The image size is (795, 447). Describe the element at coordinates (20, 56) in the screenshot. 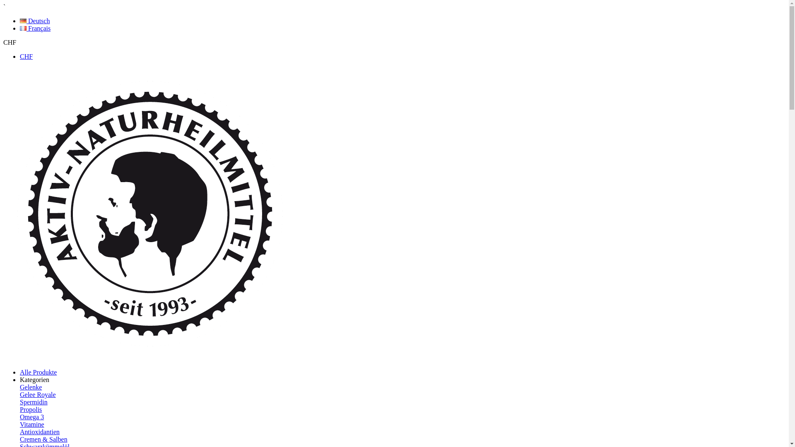

I see `'CHF'` at that location.